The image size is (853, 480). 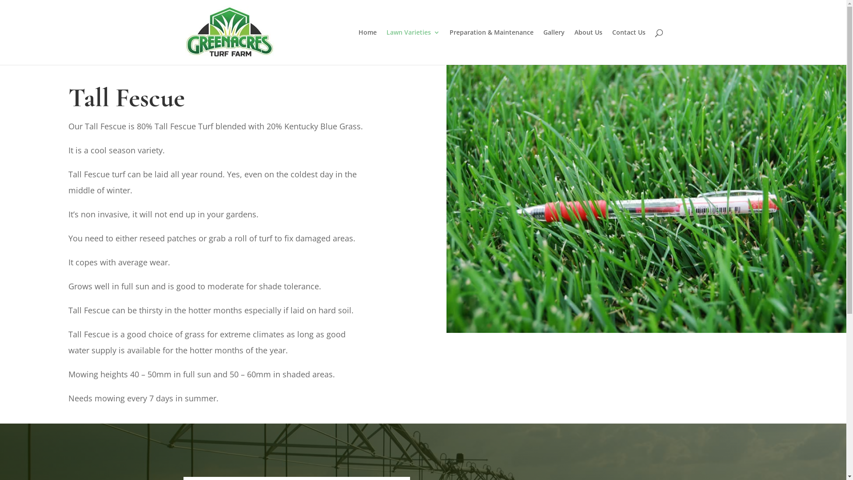 What do you see at coordinates (367, 47) in the screenshot?
I see `'Home'` at bounding box center [367, 47].